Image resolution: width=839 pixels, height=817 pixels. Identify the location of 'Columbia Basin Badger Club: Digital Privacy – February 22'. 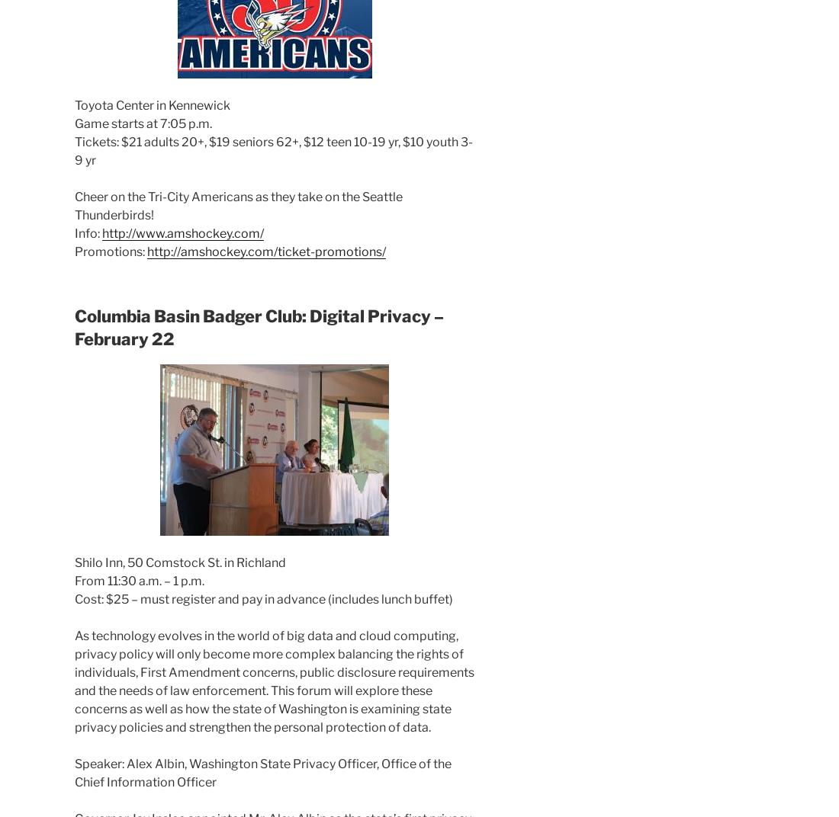
(259, 326).